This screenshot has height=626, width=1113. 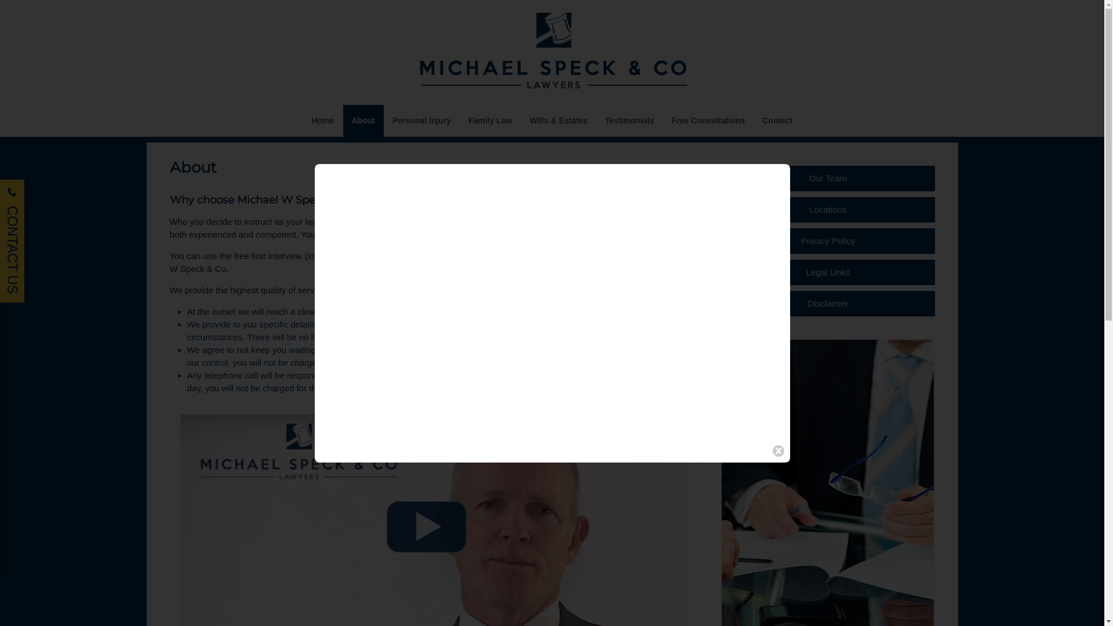 What do you see at coordinates (827, 241) in the screenshot?
I see `'Privacy Policy'` at bounding box center [827, 241].